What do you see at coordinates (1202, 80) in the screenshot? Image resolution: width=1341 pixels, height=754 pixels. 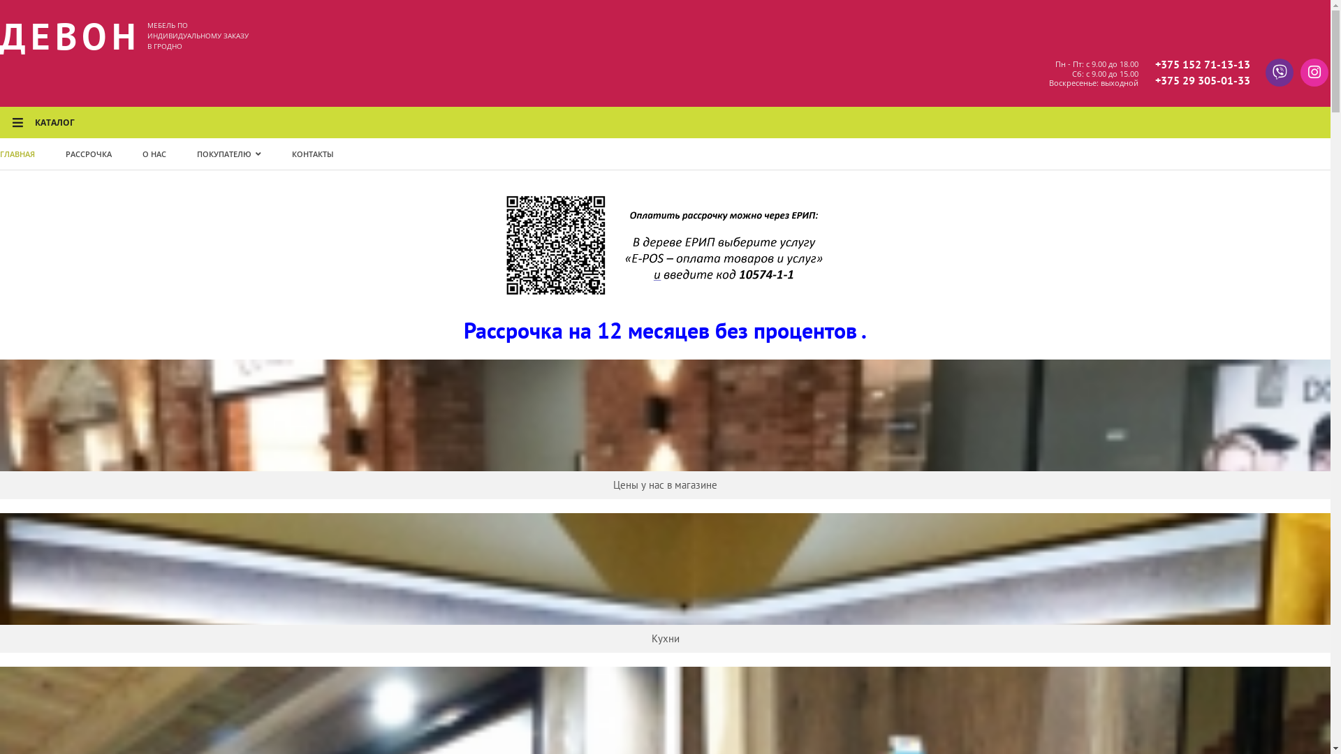 I see `'+375 29 305-01-33'` at bounding box center [1202, 80].